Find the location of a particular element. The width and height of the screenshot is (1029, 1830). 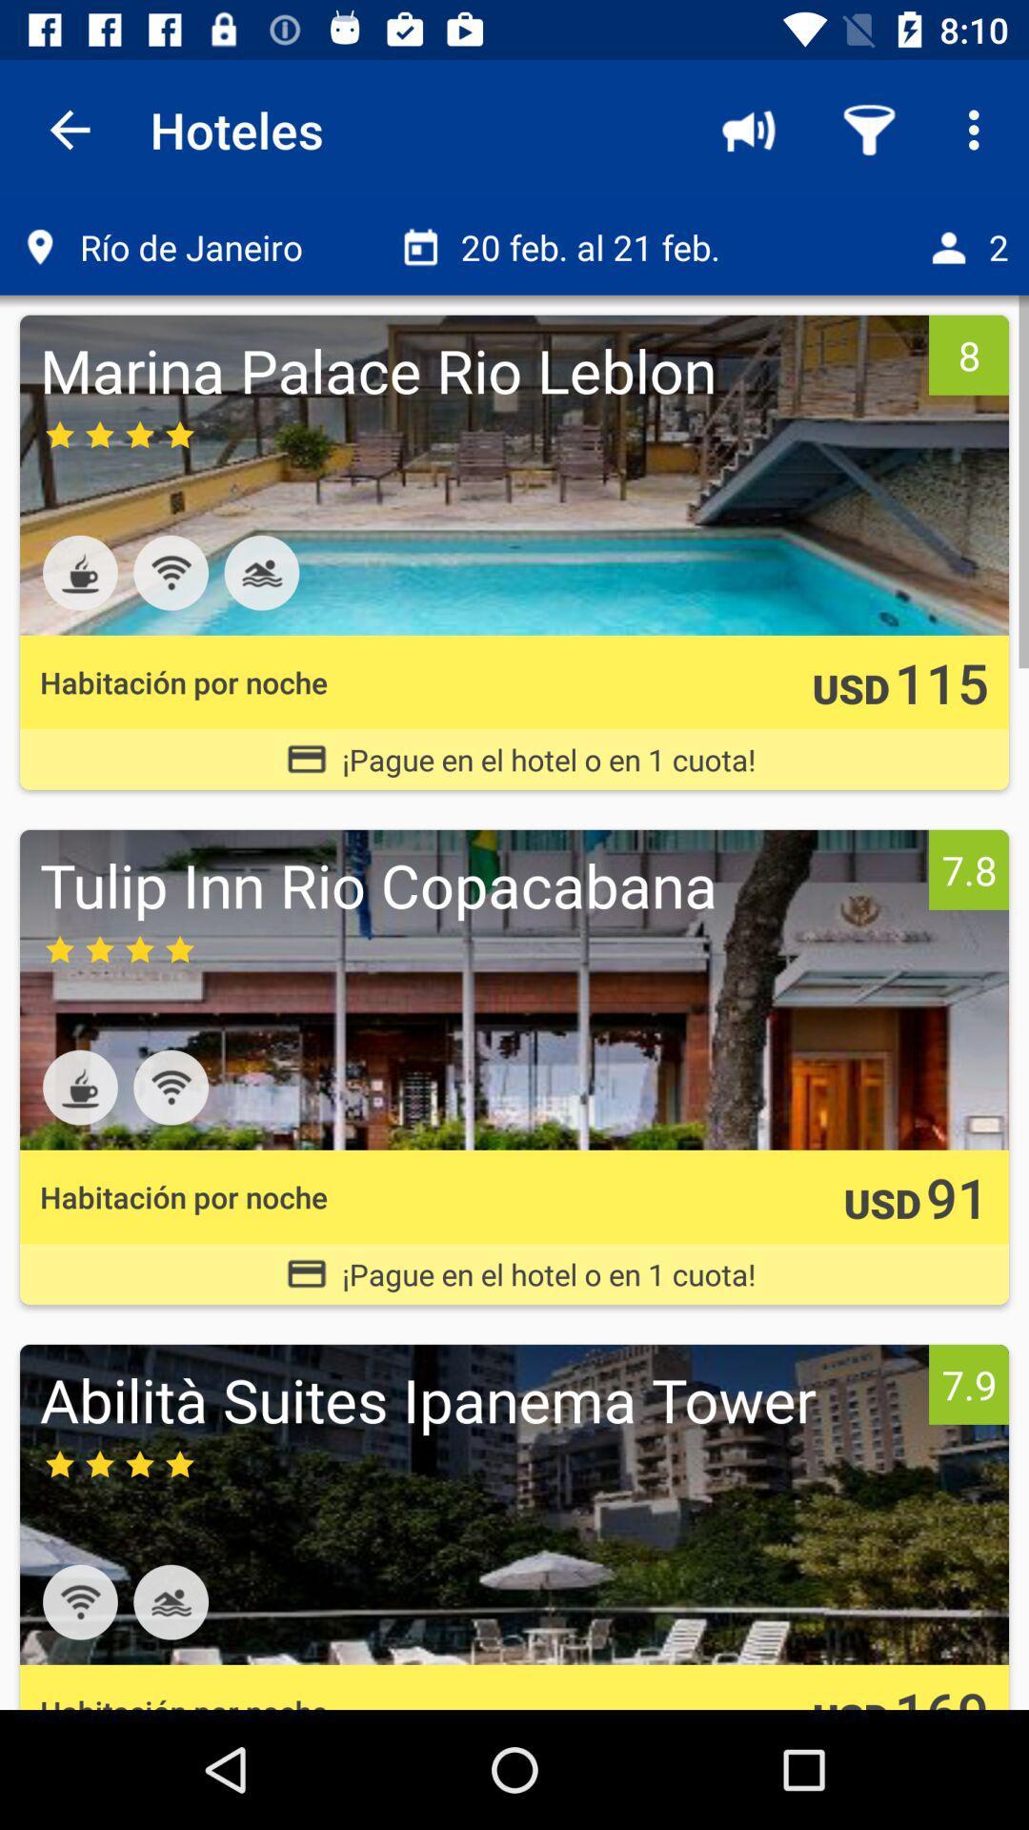

the item to the left of the 7.9 icon is located at coordinates (478, 1399).